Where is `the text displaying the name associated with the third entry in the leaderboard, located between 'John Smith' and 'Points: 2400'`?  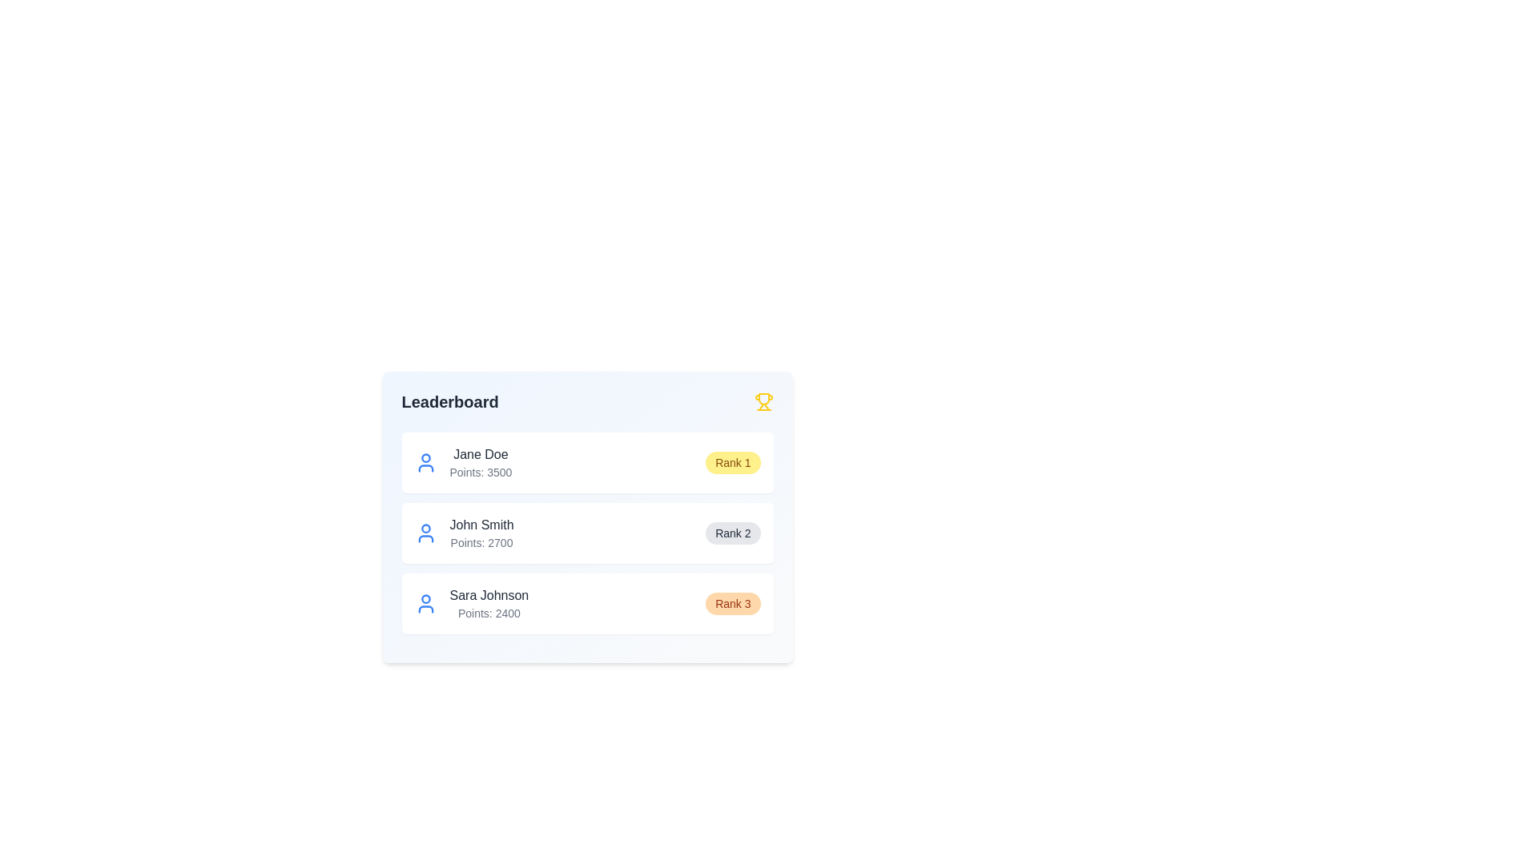 the text displaying the name associated with the third entry in the leaderboard, located between 'John Smith' and 'Points: 2400' is located at coordinates (488, 596).